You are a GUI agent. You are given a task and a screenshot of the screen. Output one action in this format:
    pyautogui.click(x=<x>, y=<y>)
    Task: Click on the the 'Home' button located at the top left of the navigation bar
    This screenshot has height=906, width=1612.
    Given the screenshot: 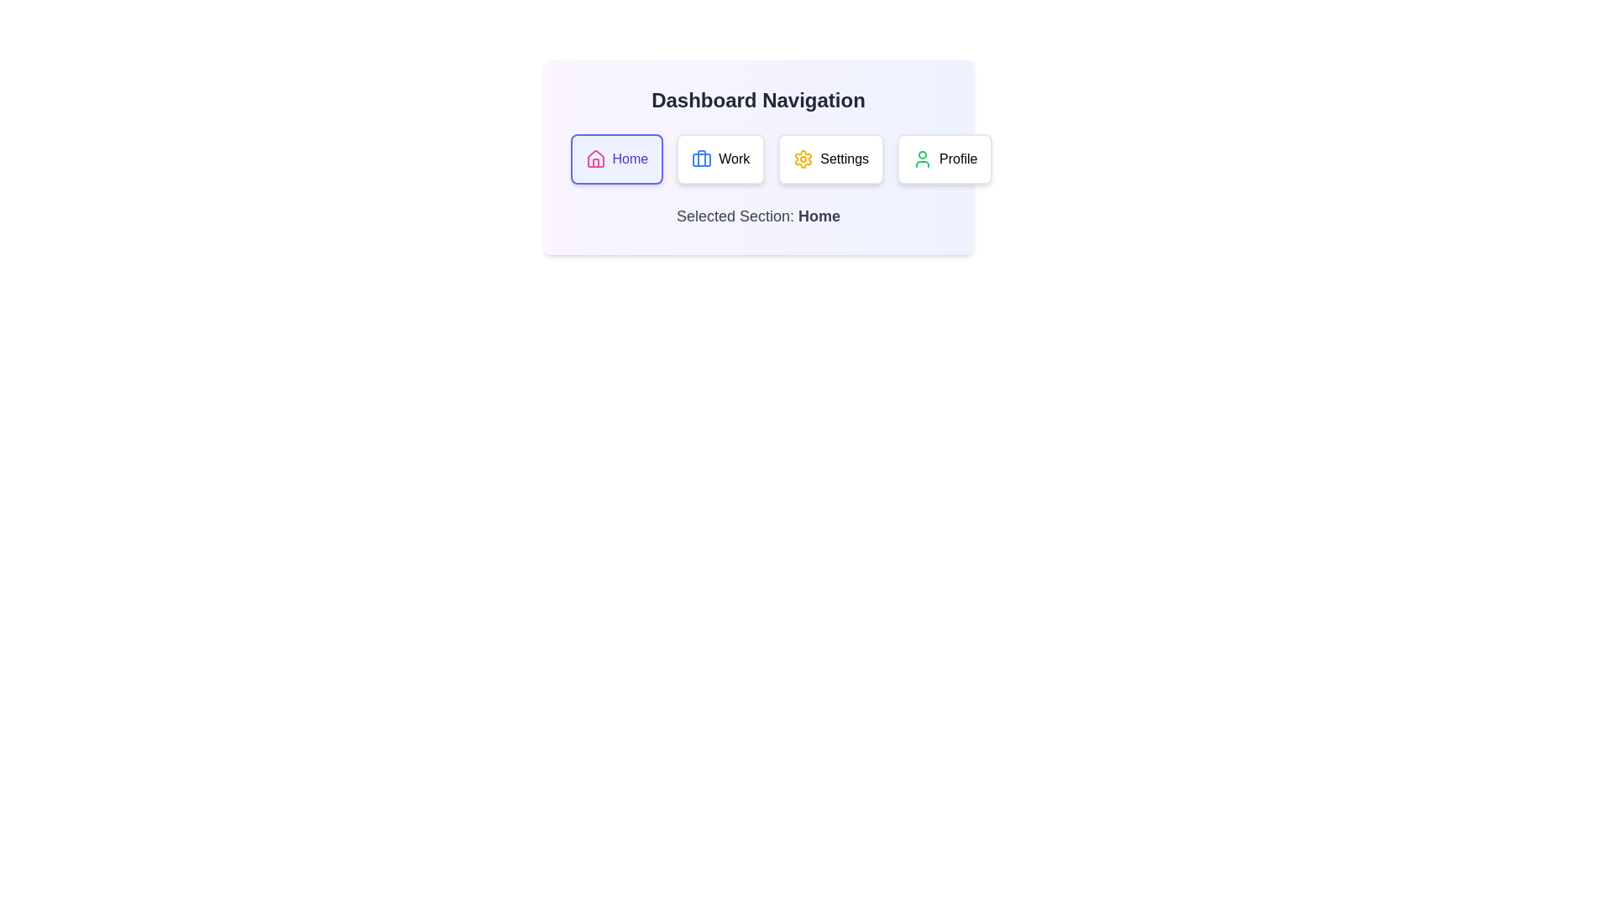 What is the action you would take?
    pyautogui.click(x=615, y=159)
    